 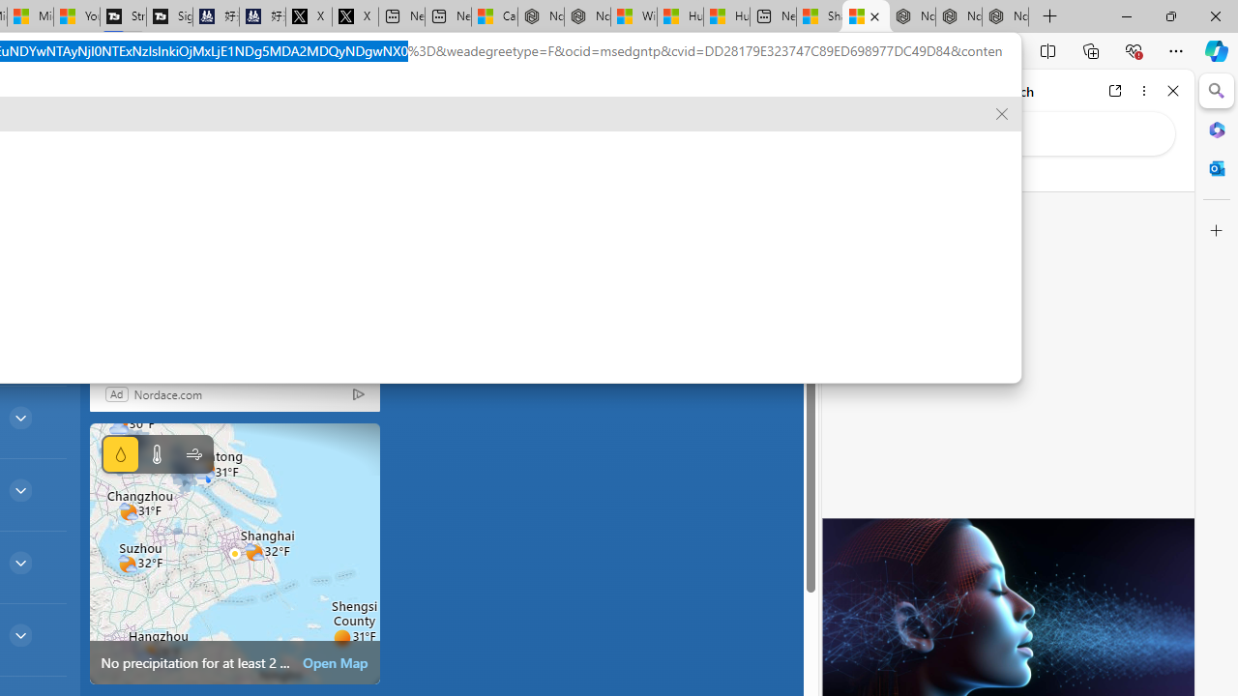 What do you see at coordinates (1002, 114) in the screenshot?
I see `'Remove suggestion'` at bounding box center [1002, 114].